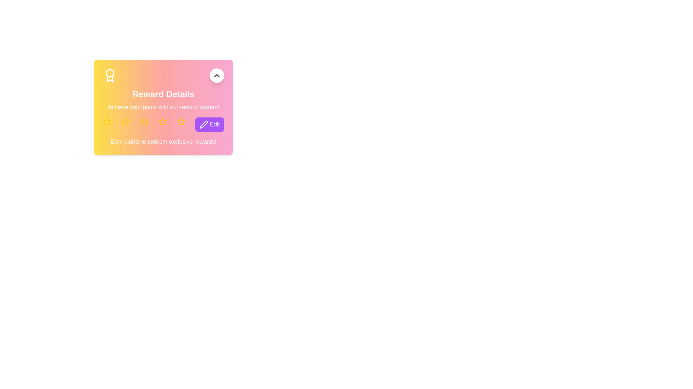 This screenshot has height=389, width=693. Describe the element at coordinates (107, 121) in the screenshot. I see `the yellow star icon located in the rewards details section` at that location.